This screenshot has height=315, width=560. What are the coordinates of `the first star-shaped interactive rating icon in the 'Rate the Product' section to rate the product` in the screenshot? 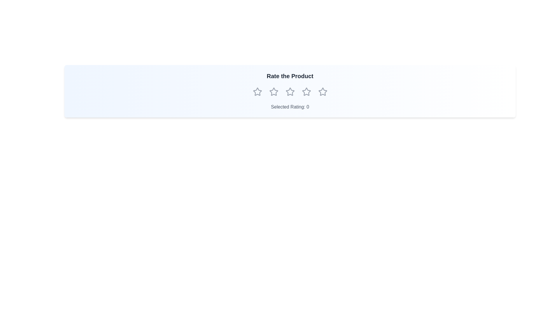 It's located at (257, 92).